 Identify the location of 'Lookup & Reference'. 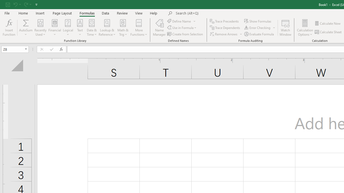
(107, 28).